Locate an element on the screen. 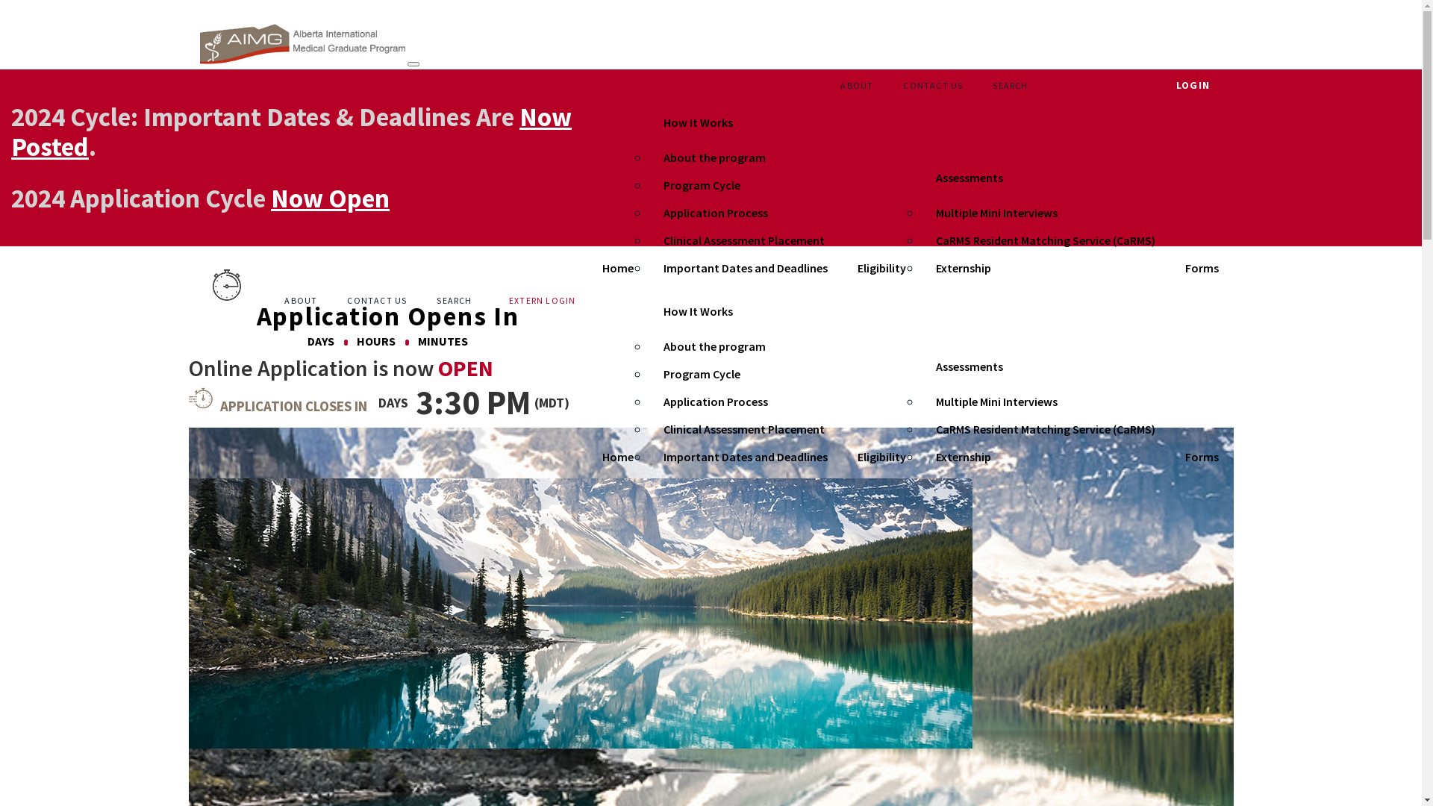  'SEARCH  ' is located at coordinates (981, 86).